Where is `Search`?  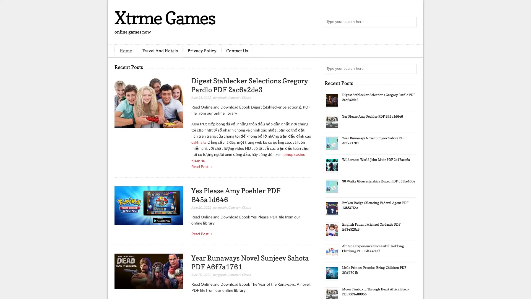 Search is located at coordinates (411, 22).